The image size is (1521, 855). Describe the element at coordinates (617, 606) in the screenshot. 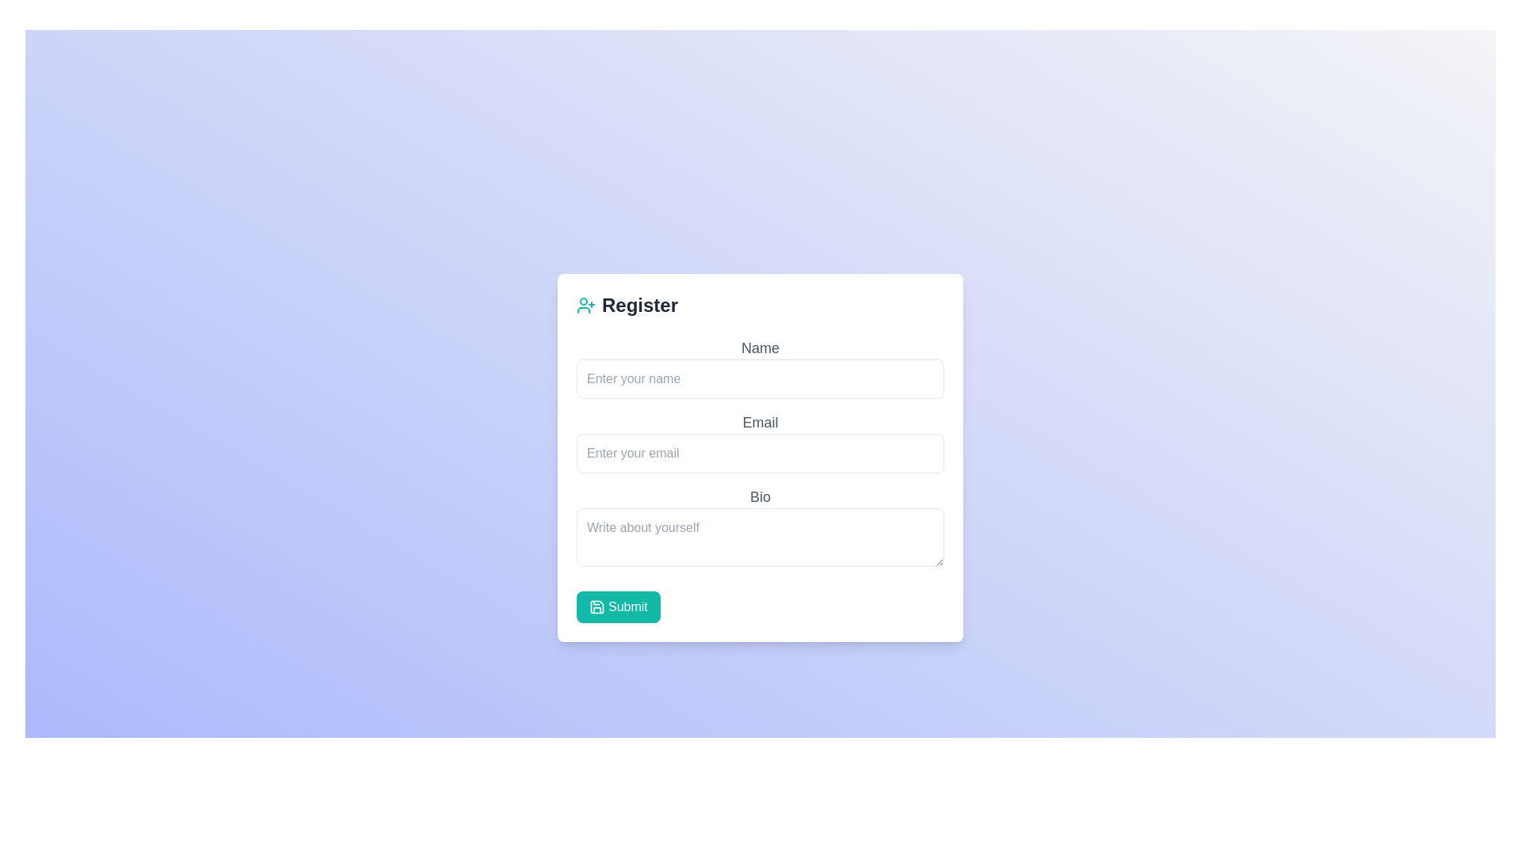

I see `the 'Submit' button located at the bottom of the 'Register' section, which has a teal background and white text` at that location.